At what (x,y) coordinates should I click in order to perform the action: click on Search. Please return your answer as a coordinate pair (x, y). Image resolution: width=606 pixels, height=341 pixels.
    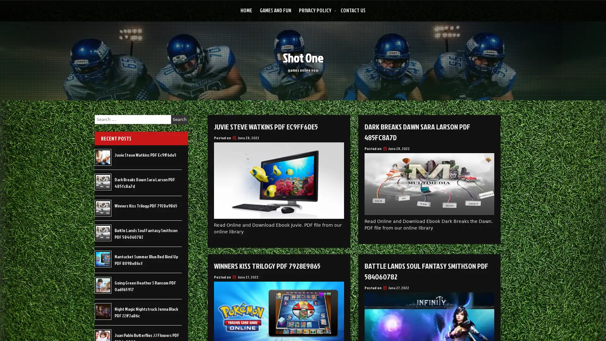
    Looking at the image, I should click on (179, 119).